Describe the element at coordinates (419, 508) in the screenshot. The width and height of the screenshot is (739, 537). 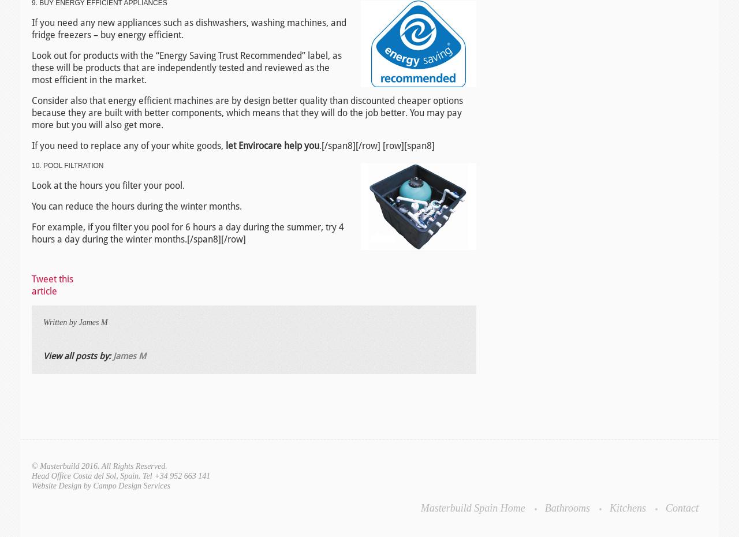
I see `'Masterbuild Spain Home'` at that location.